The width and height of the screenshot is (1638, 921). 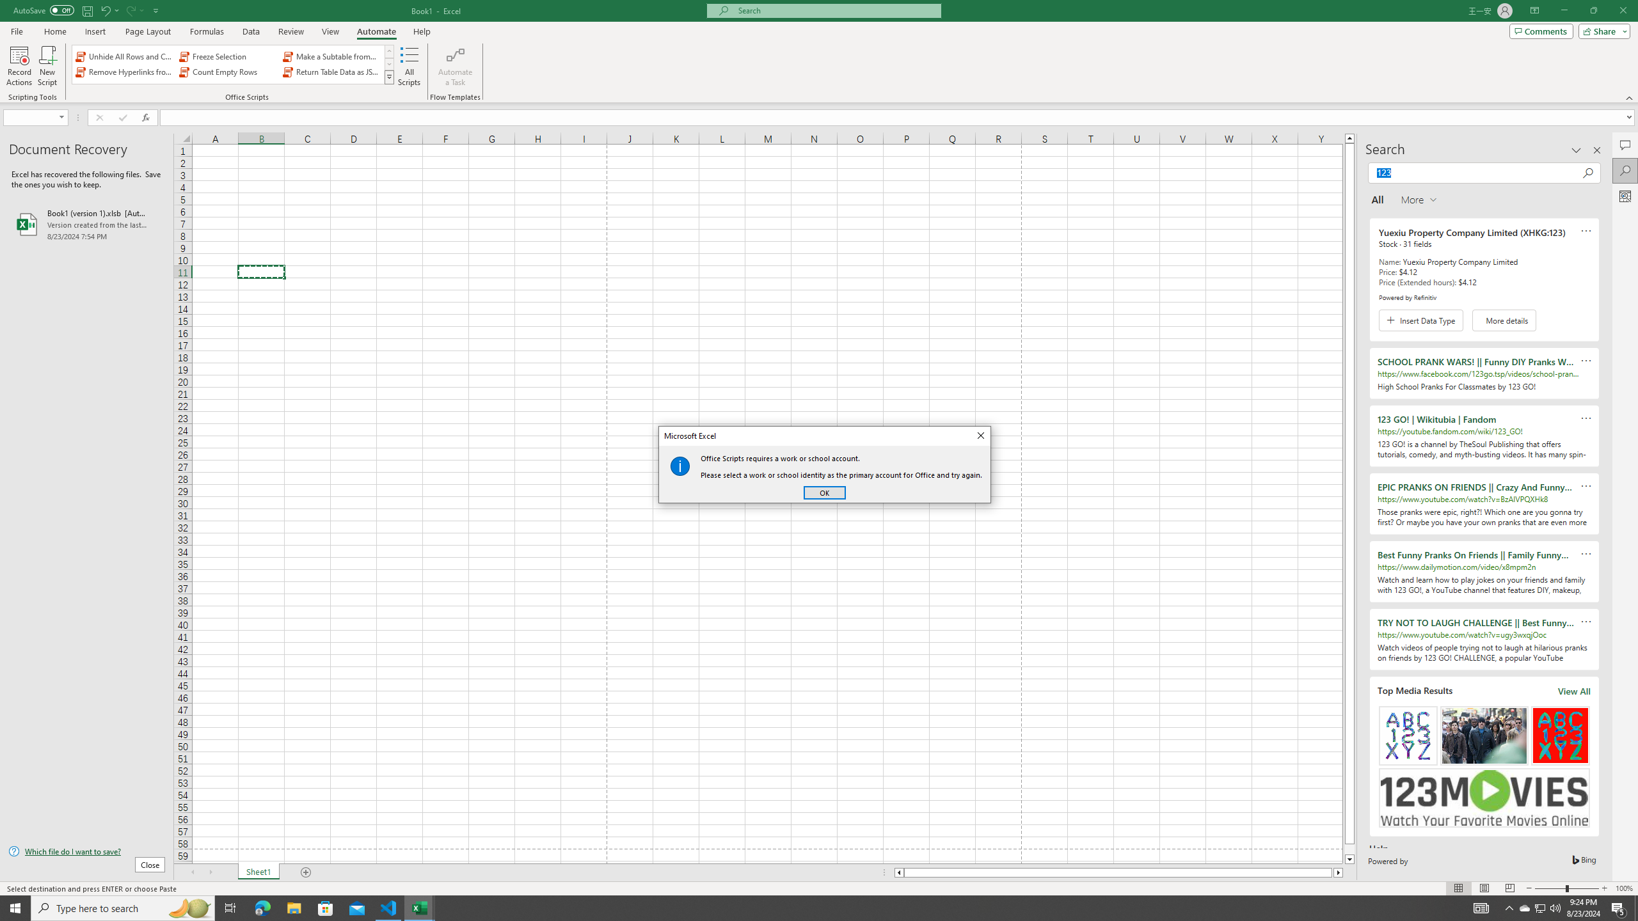 I want to click on 'Automate a Task', so click(x=454, y=66).